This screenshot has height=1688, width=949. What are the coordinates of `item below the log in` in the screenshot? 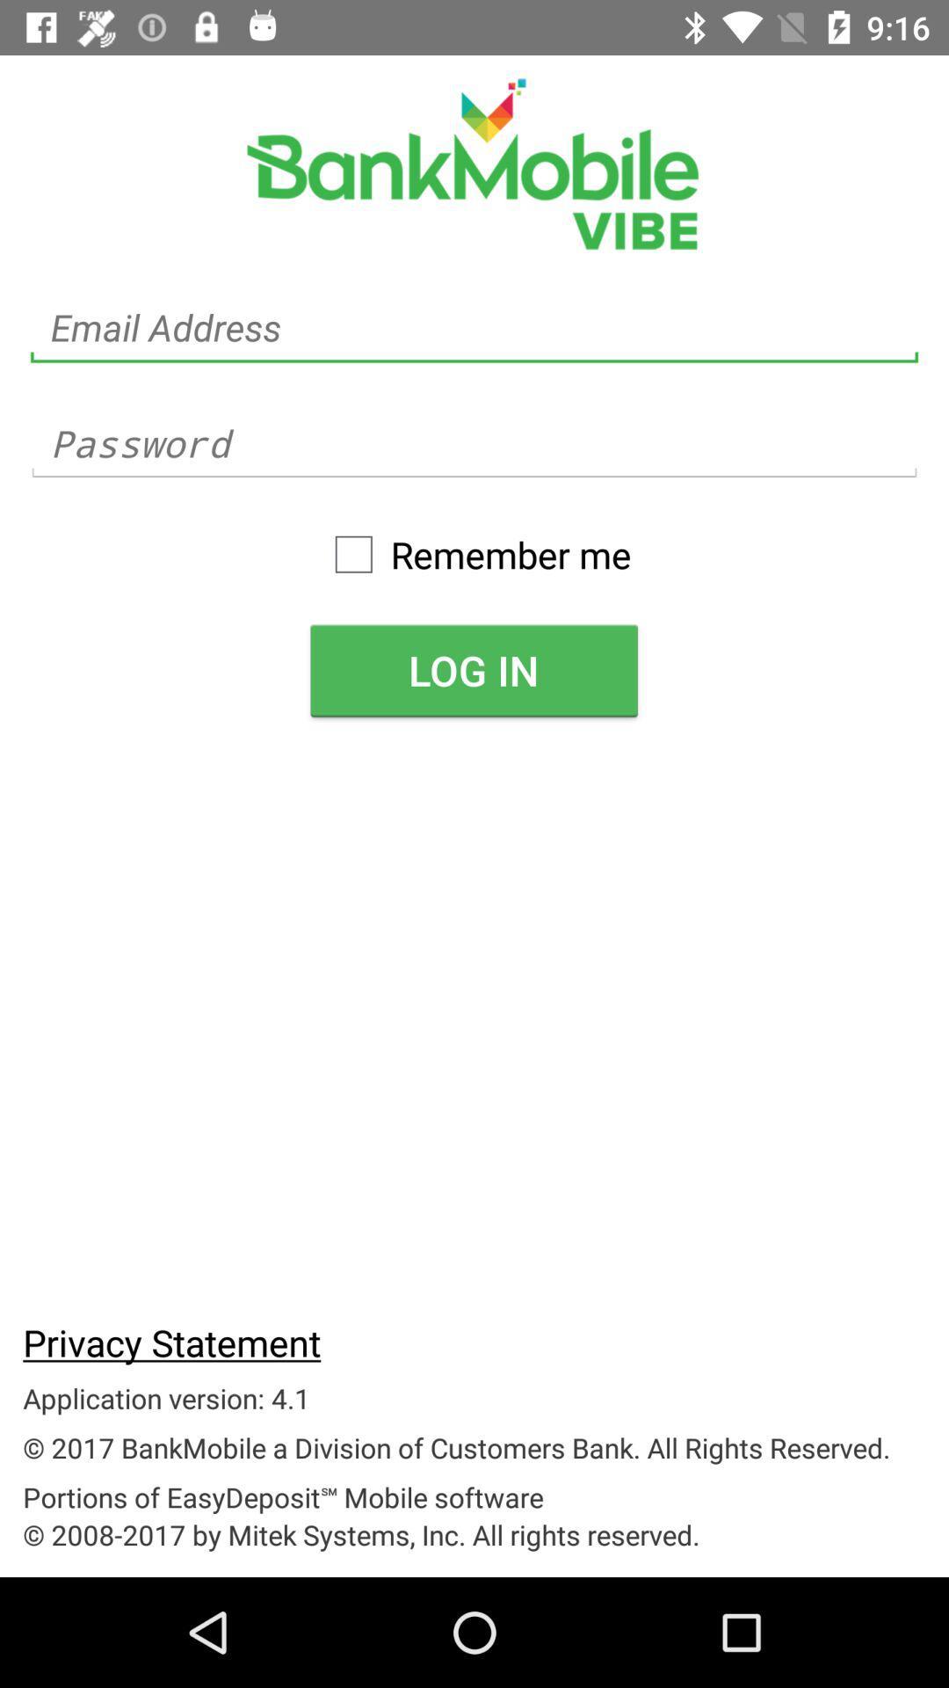 It's located at (171, 1341).